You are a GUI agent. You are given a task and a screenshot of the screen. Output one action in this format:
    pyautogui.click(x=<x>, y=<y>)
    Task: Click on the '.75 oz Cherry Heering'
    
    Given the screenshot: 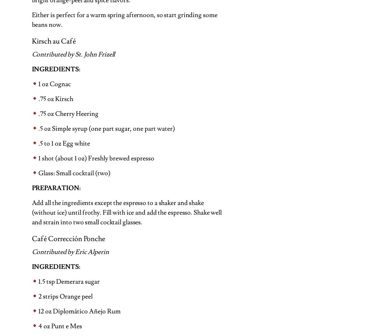 What is the action you would take?
    pyautogui.click(x=38, y=113)
    